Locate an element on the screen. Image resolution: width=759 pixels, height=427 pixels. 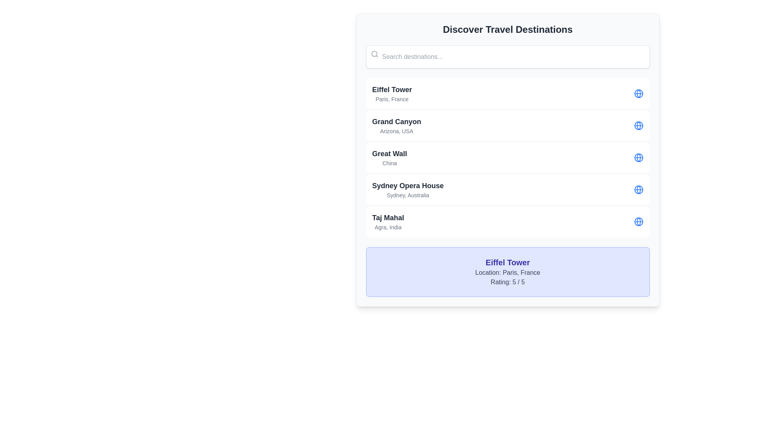
the information icon next to the 'Eiffel Tower' entry that signifies additional information about the location 'Paris, France' is located at coordinates (638, 93).